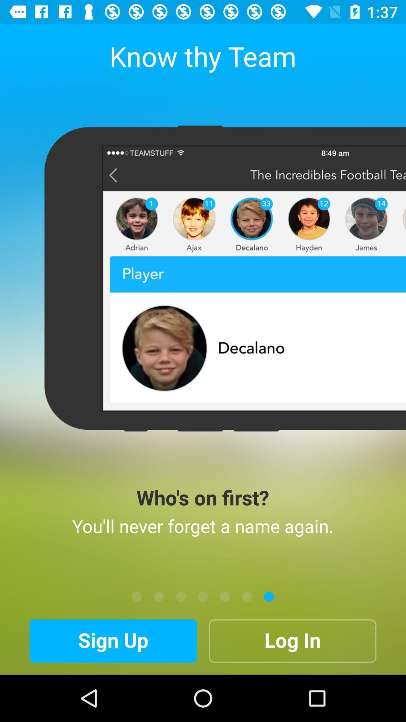 Image resolution: width=406 pixels, height=722 pixels. What do you see at coordinates (268, 596) in the screenshot?
I see `the icon above log in item` at bounding box center [268, 596].